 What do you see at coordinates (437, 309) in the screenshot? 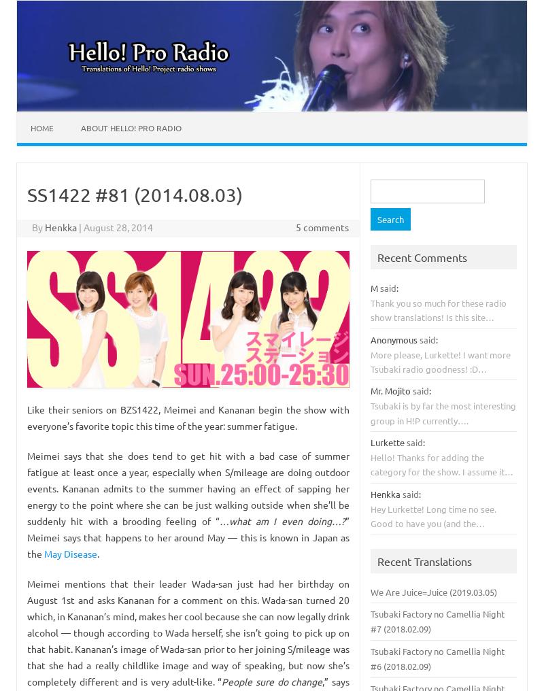
I see `'Thank you so much for these radio show translations! Is this site…'` at bounding box center [437, 309].